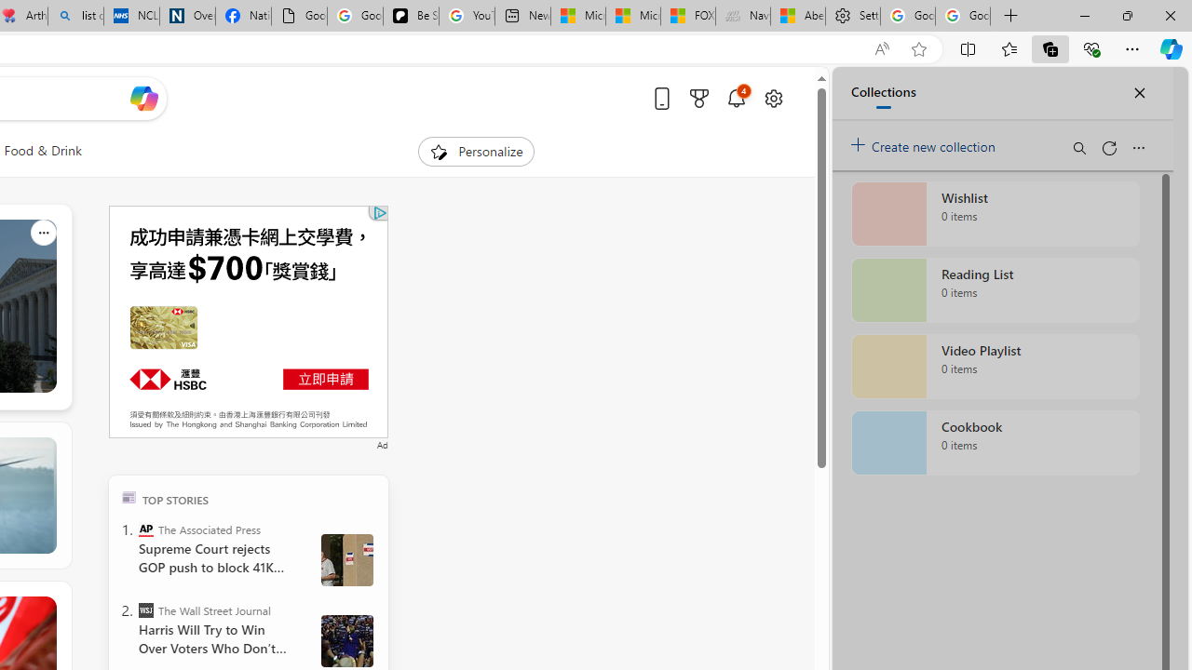 The width and height of the screenshot is (1192, 670). I want to click on 'Navy Quest', so click(742, 16).